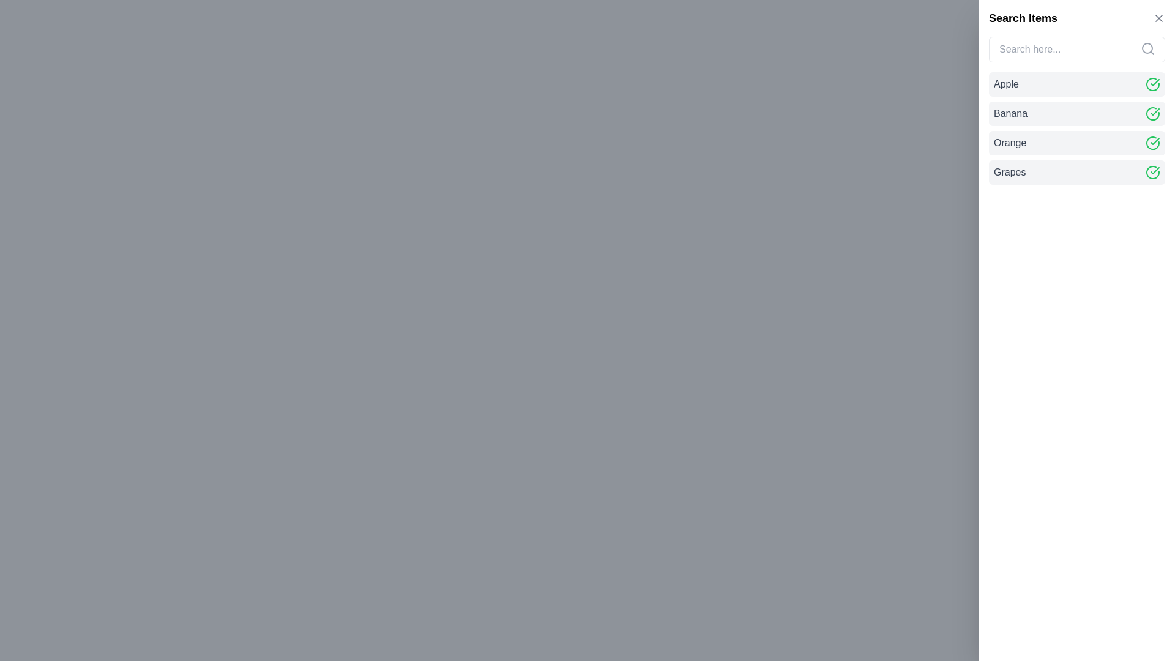 This screenshot has width=1175, height=661. Describe the element at coordinates (1006, 84) in the screenshot. I see `label of the text element displaying 'Apple' in gray font, located within the leftmost segment of a list item element` at that location.